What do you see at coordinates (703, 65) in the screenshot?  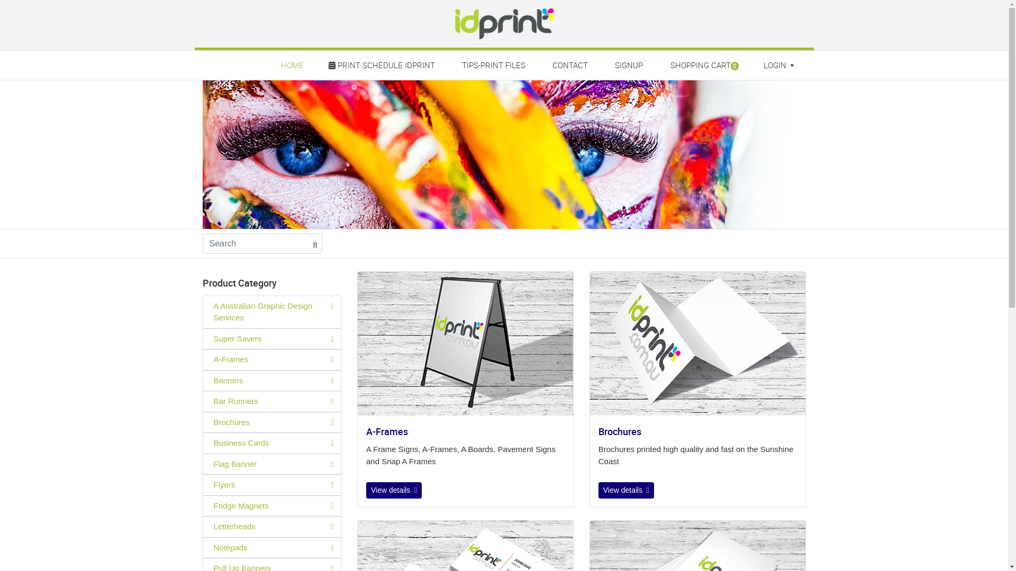 I see `'SHOPPING CART0'` at bounding box center [703, 65].